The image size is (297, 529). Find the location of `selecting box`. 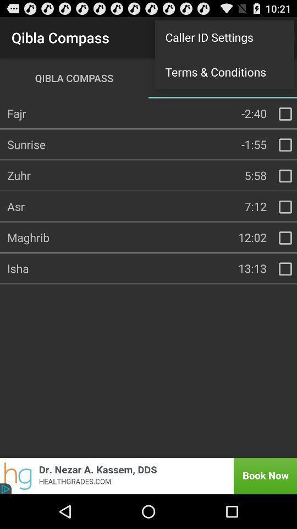

selecting box is located at coordinates (285, 114).